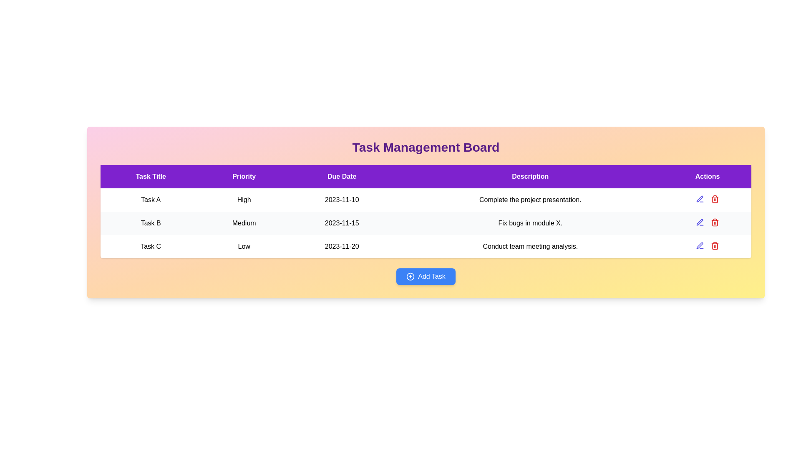 The image size is (801, 450). What do you see at coordinates (426, 147) in the screenshot?
I see `the text header that reads 'Task Management Board,' which is styled with large bold lettering in purple and located at the upper section of a card component with a gradient background` at bounding box center [426, 147].